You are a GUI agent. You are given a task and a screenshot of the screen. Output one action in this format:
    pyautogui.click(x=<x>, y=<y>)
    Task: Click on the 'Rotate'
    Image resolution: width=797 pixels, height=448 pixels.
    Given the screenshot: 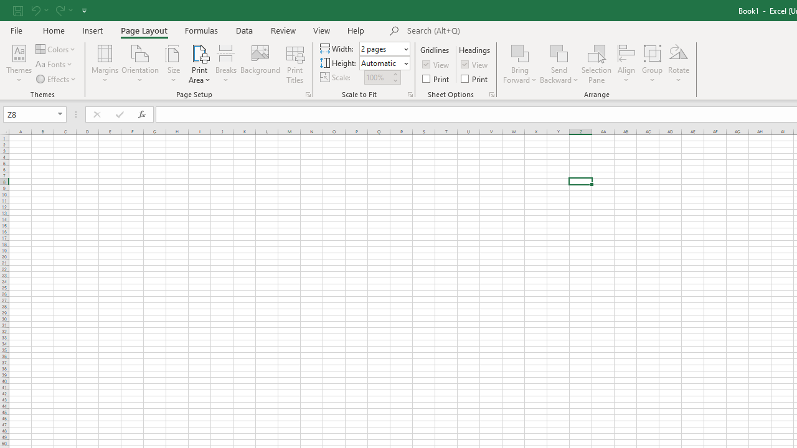 What is the action you would take?
    pyautogui.click(x=677, y=64)
    